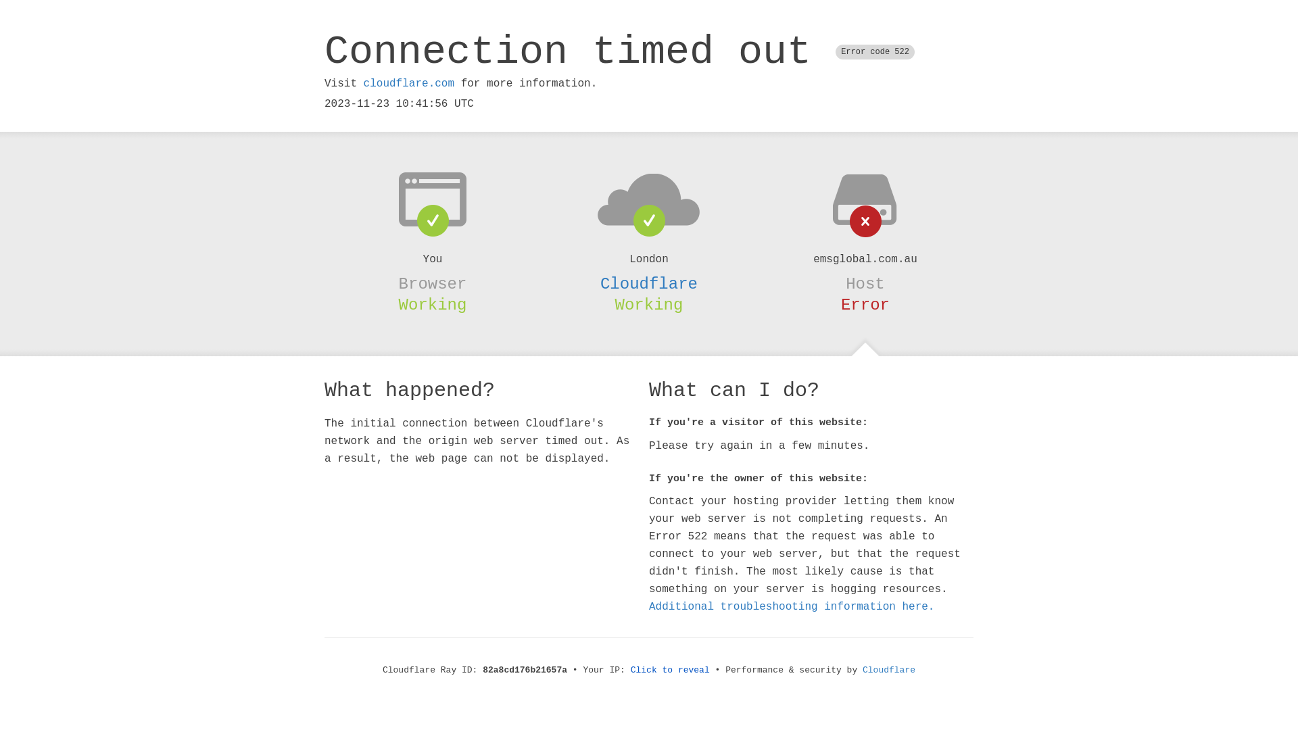 The image size is (1298, 730). What do you see at coordinates (649, 283) in the screenshot?
I see `'Cloudflare'` at bounding box center [649, 283].